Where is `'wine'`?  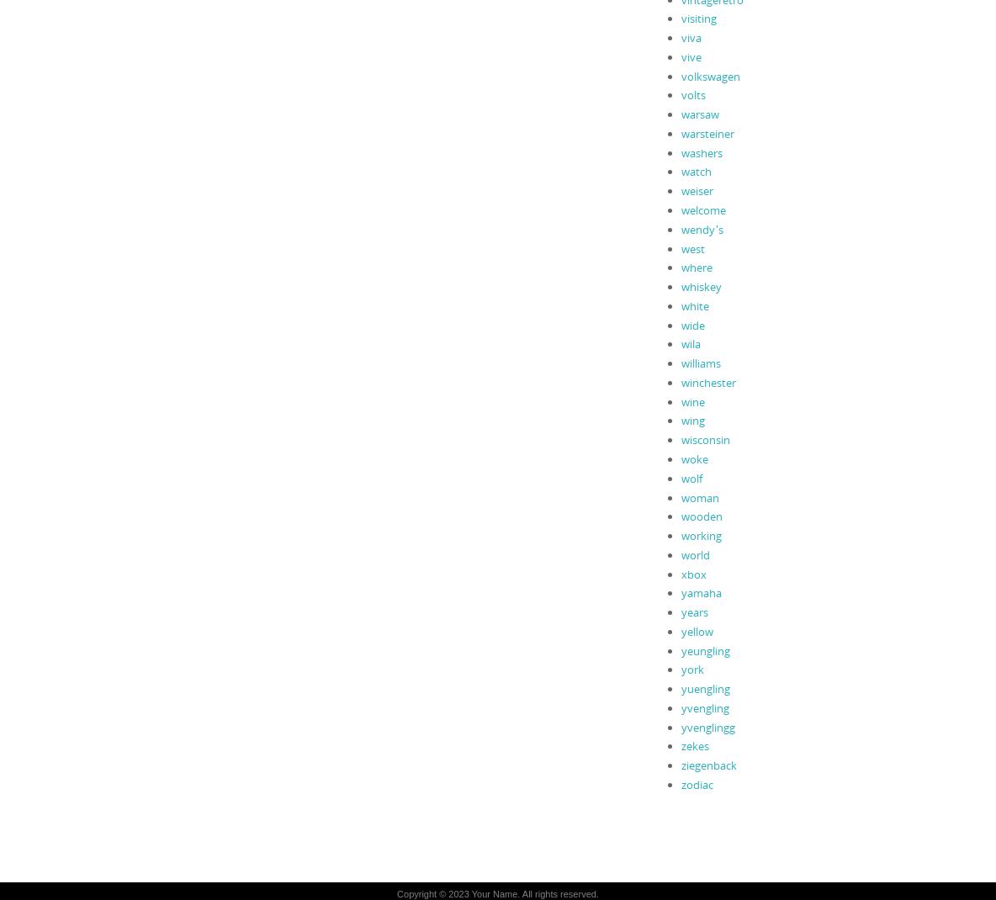 'wine' is located at coordinates (680, 401).